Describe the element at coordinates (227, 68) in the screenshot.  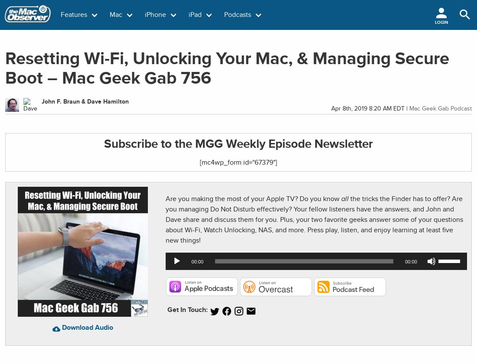
I see `'Resetting Wi-Fi, Unlocking Your Mac, & Managing Secure Boot – Mac Geek Gab 756'` at that location.